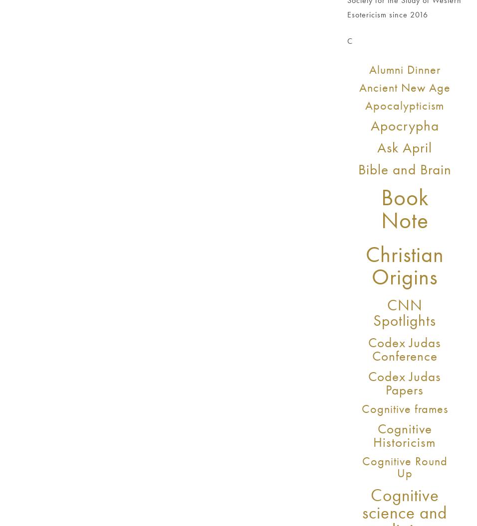 This screenshot has width=477, height=526. I want to click on 'Bible and Brain', so click(404, 168).